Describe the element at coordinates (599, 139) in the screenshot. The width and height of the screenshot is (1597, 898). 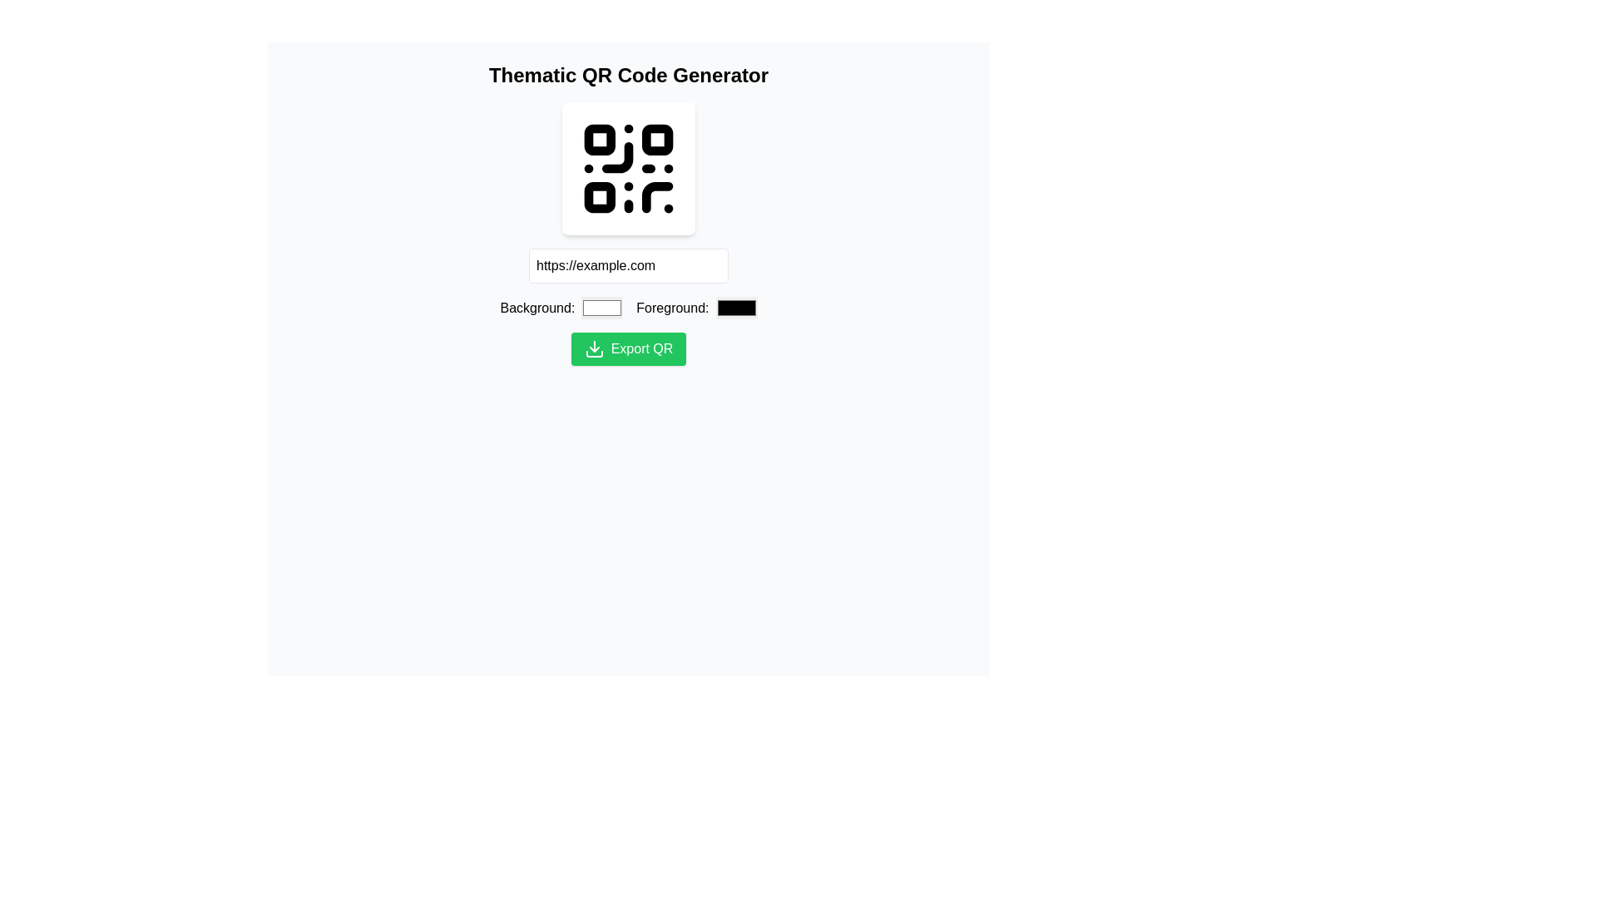
I see `the small square in the top-left corner of the QR code icon, which is part of the QR code structure` at that location.